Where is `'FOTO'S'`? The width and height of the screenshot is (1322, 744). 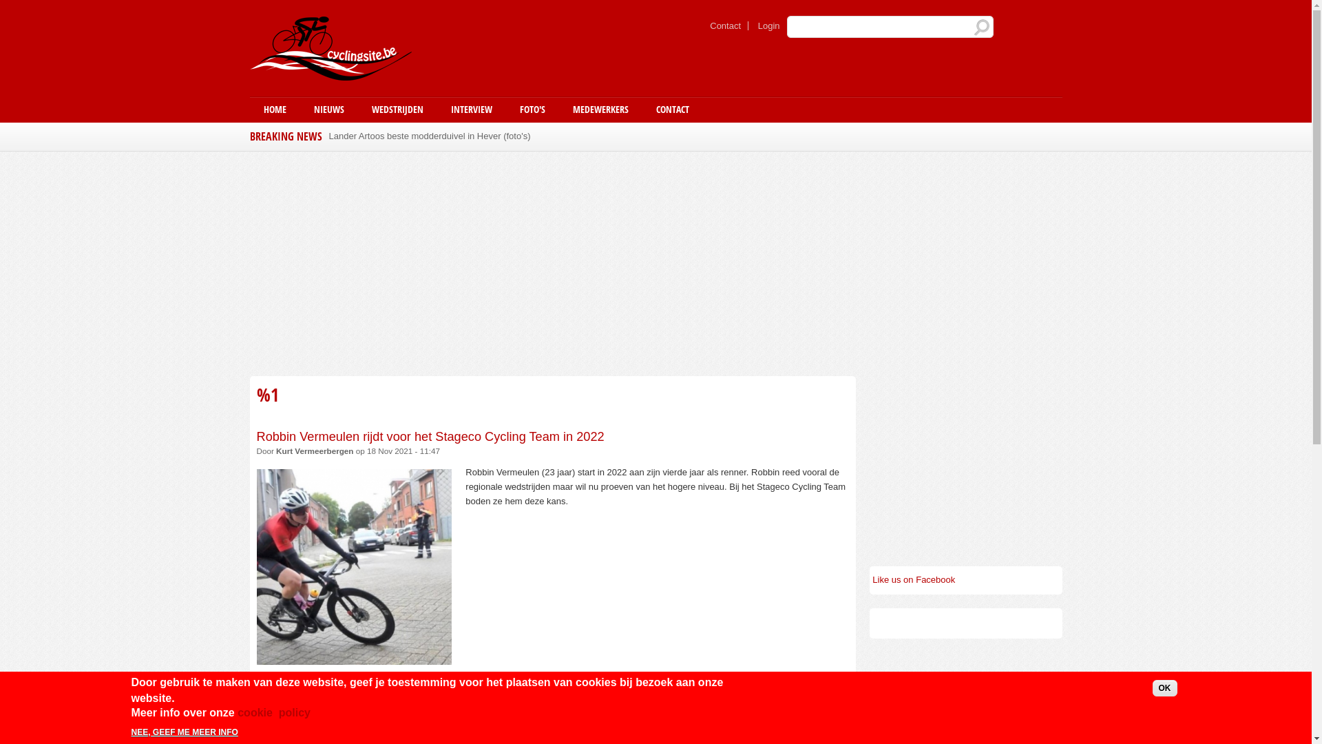
'FOTO'S' is located at coordinates (505, 109).